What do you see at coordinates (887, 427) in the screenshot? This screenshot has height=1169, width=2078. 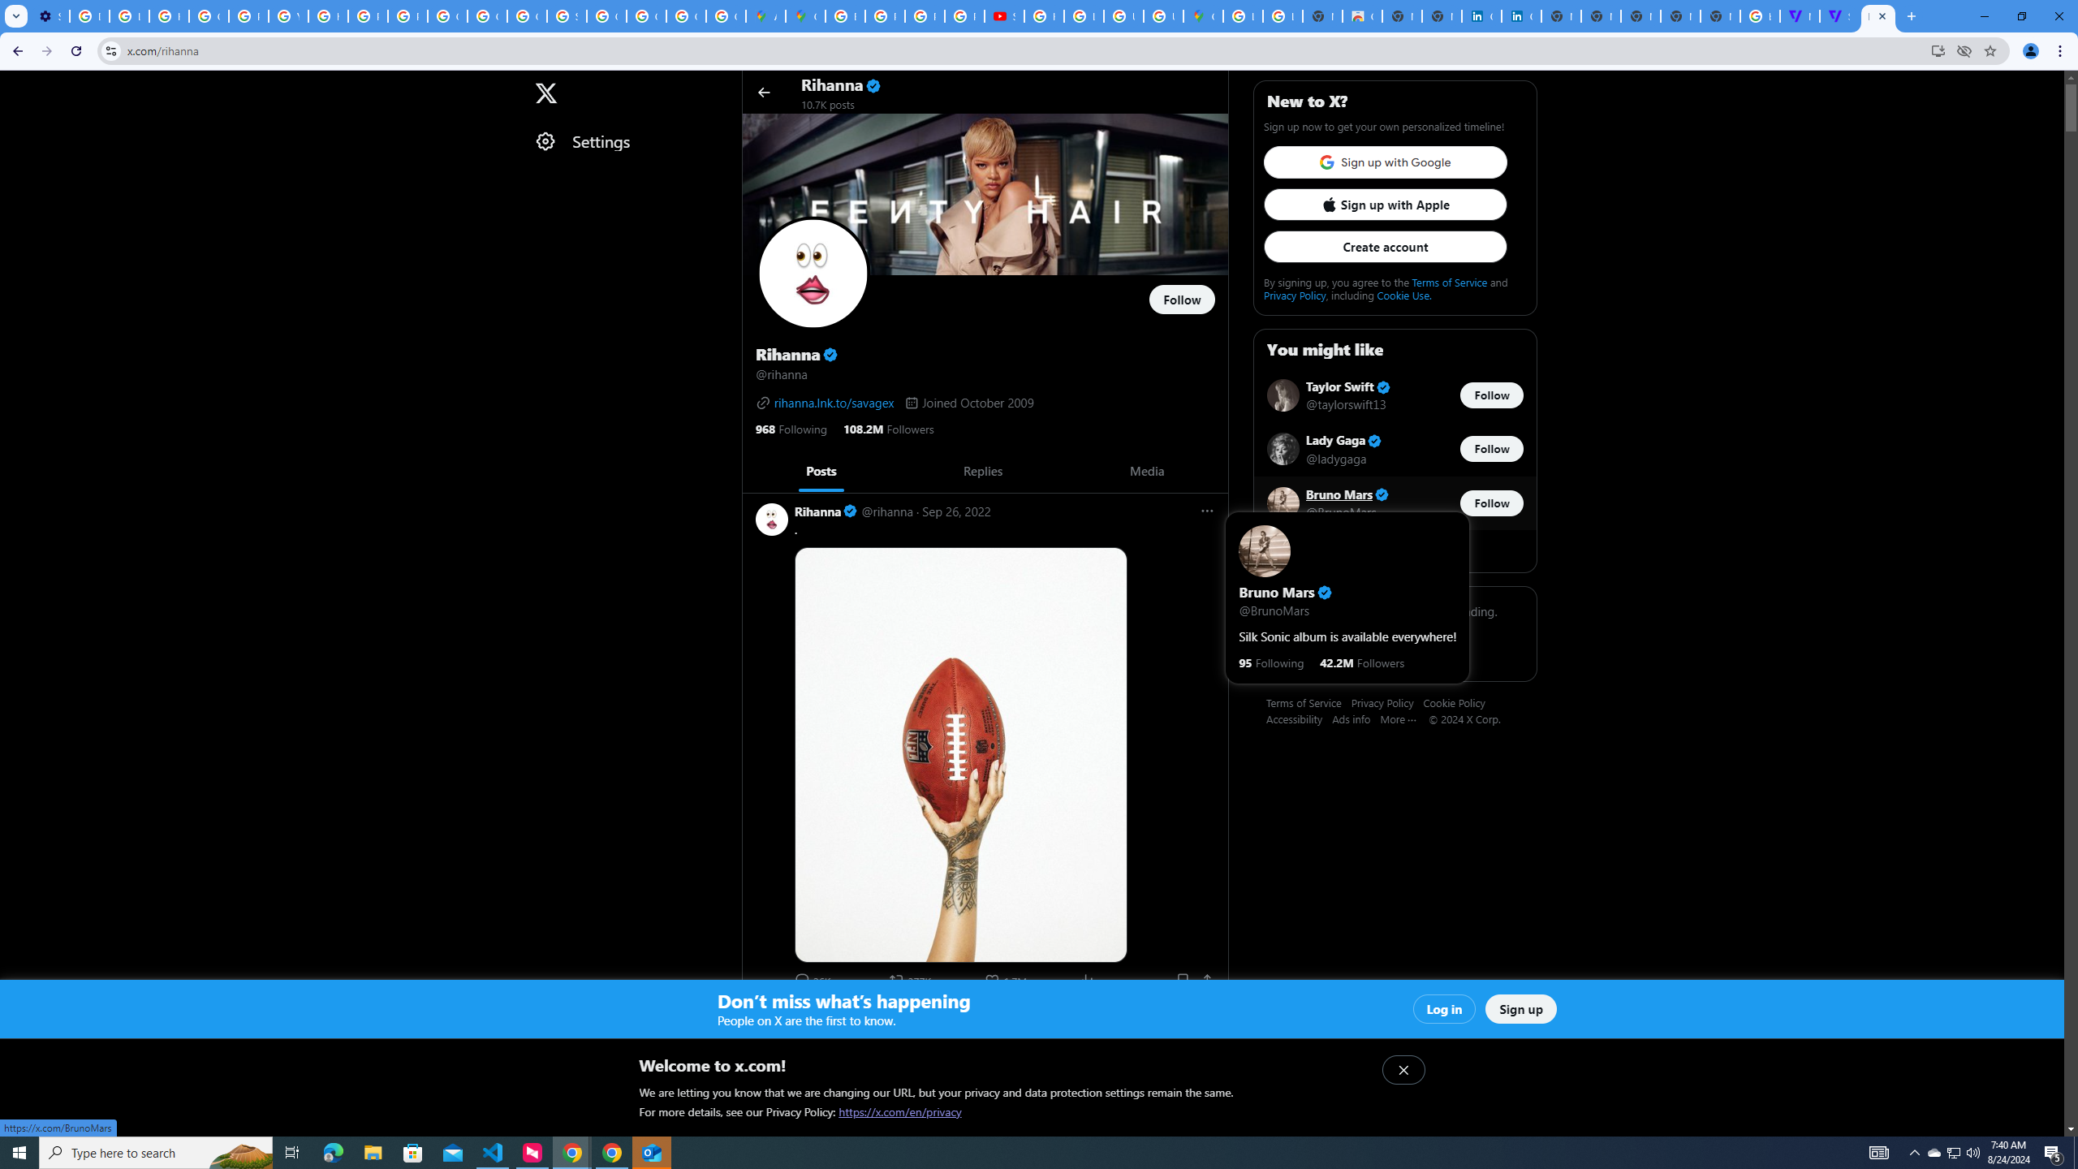 I see `'108.2M Followers'` at bounding box center [887, 427].